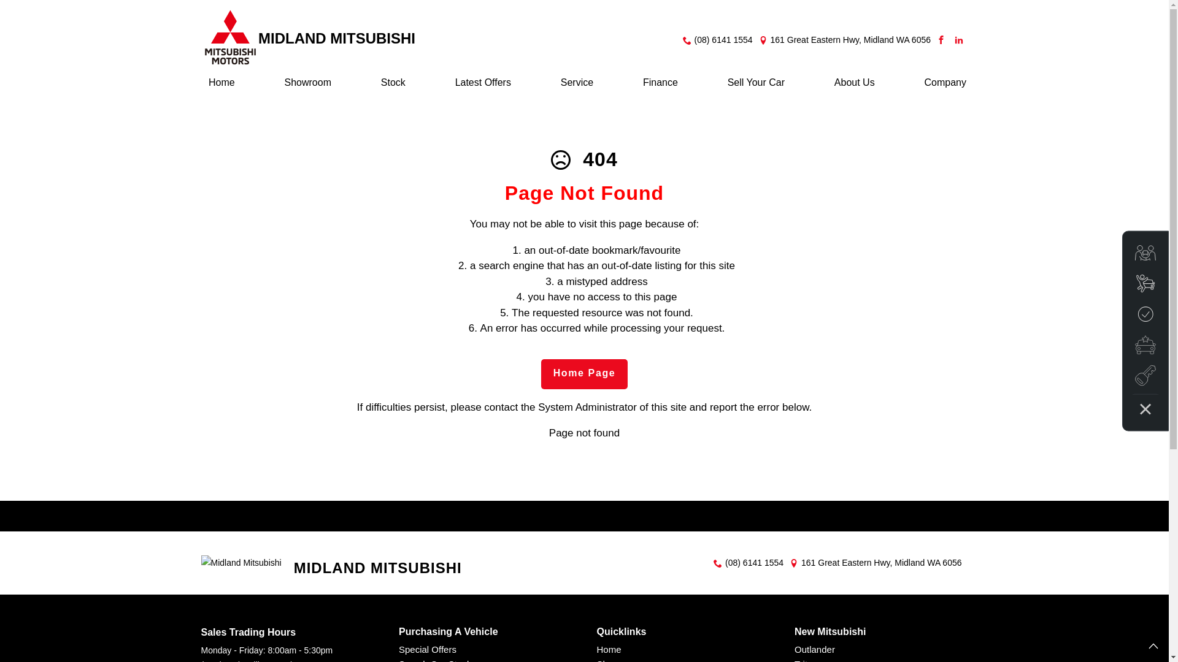  I want to click on 'Outlander', so click(815, 649).